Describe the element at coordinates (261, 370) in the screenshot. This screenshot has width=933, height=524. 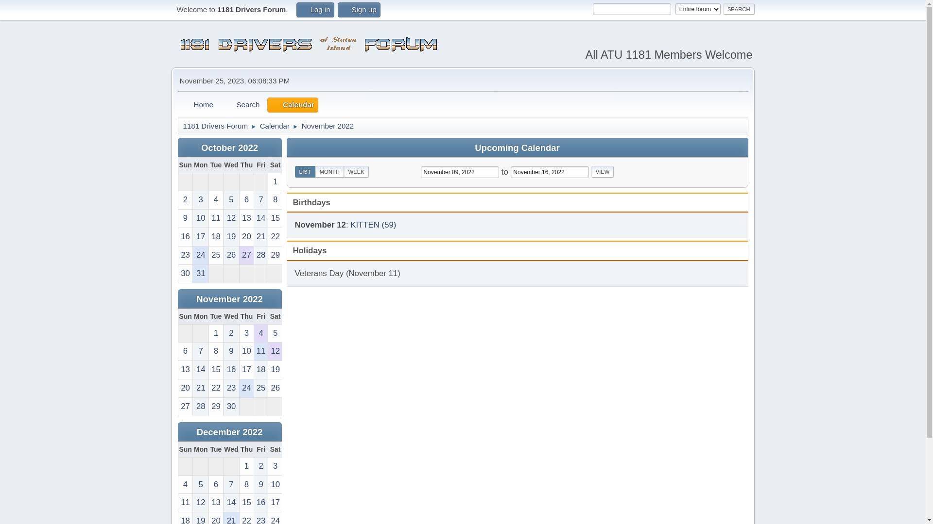
I see `'18'` at that location.